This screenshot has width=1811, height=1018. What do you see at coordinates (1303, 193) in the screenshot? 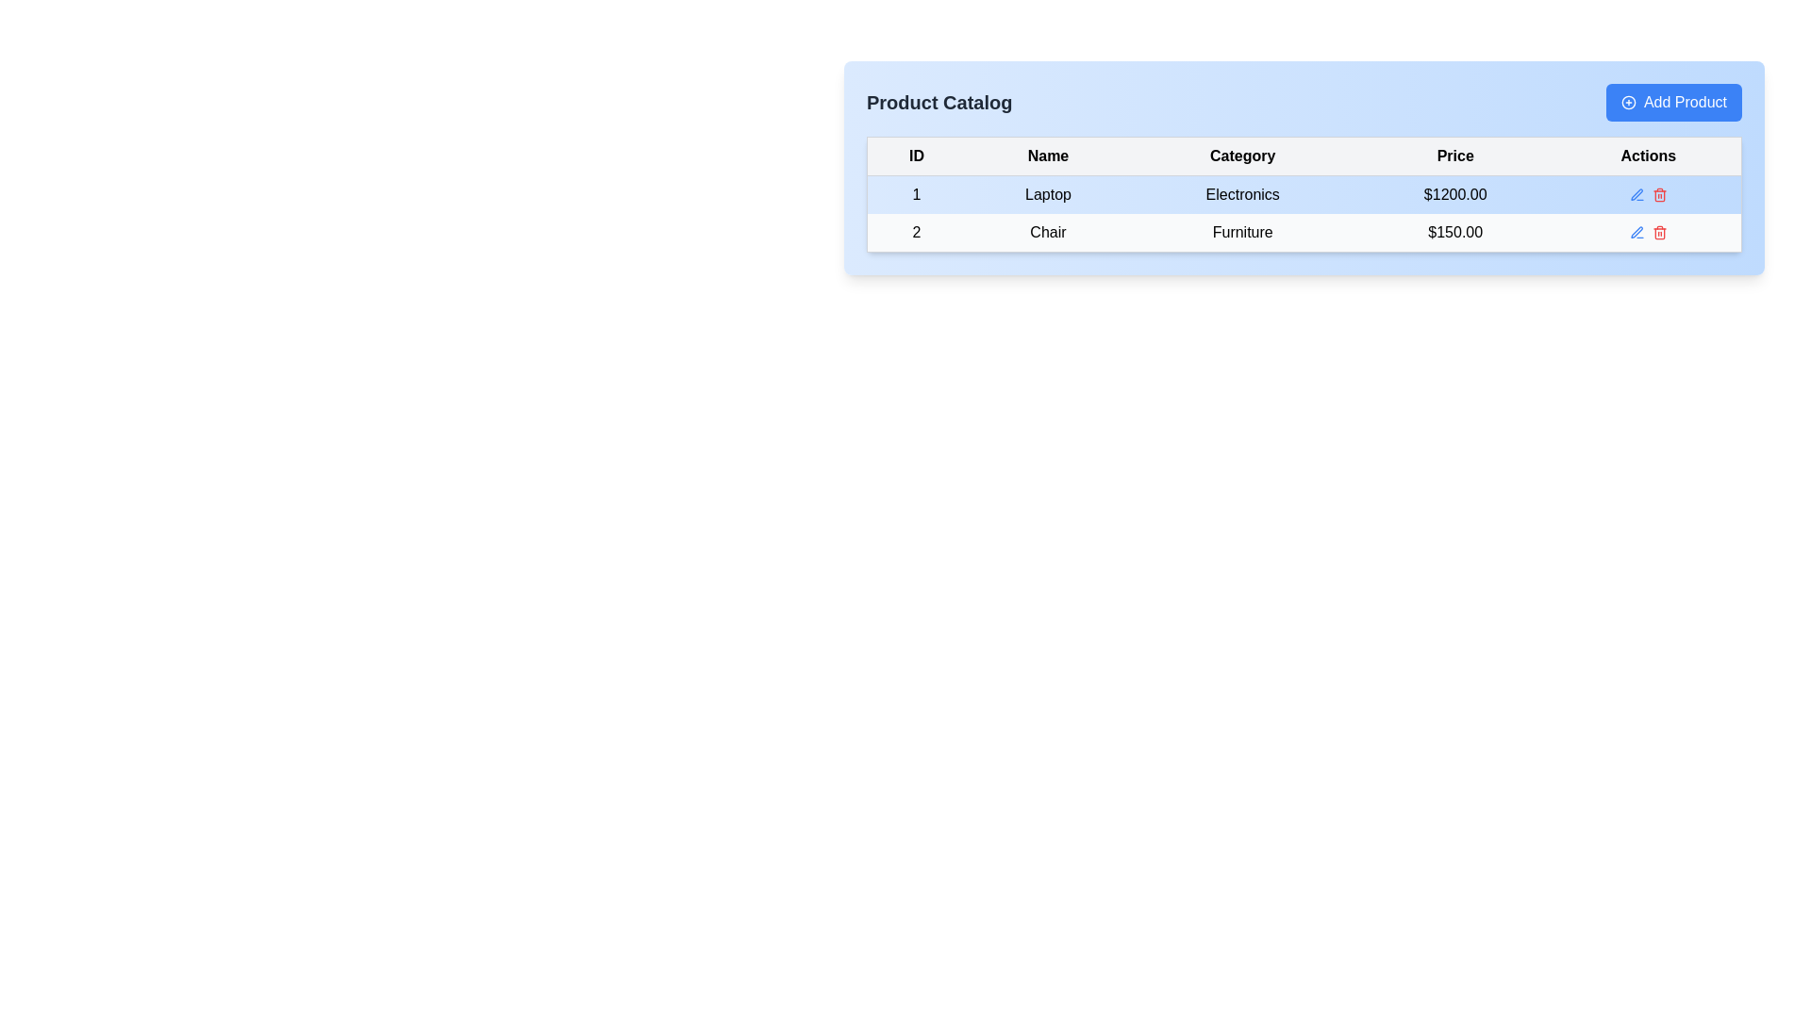
I see `inside the first data row of the product information table under the 'Product Catalog' section` at bounding box center [1303, 193].